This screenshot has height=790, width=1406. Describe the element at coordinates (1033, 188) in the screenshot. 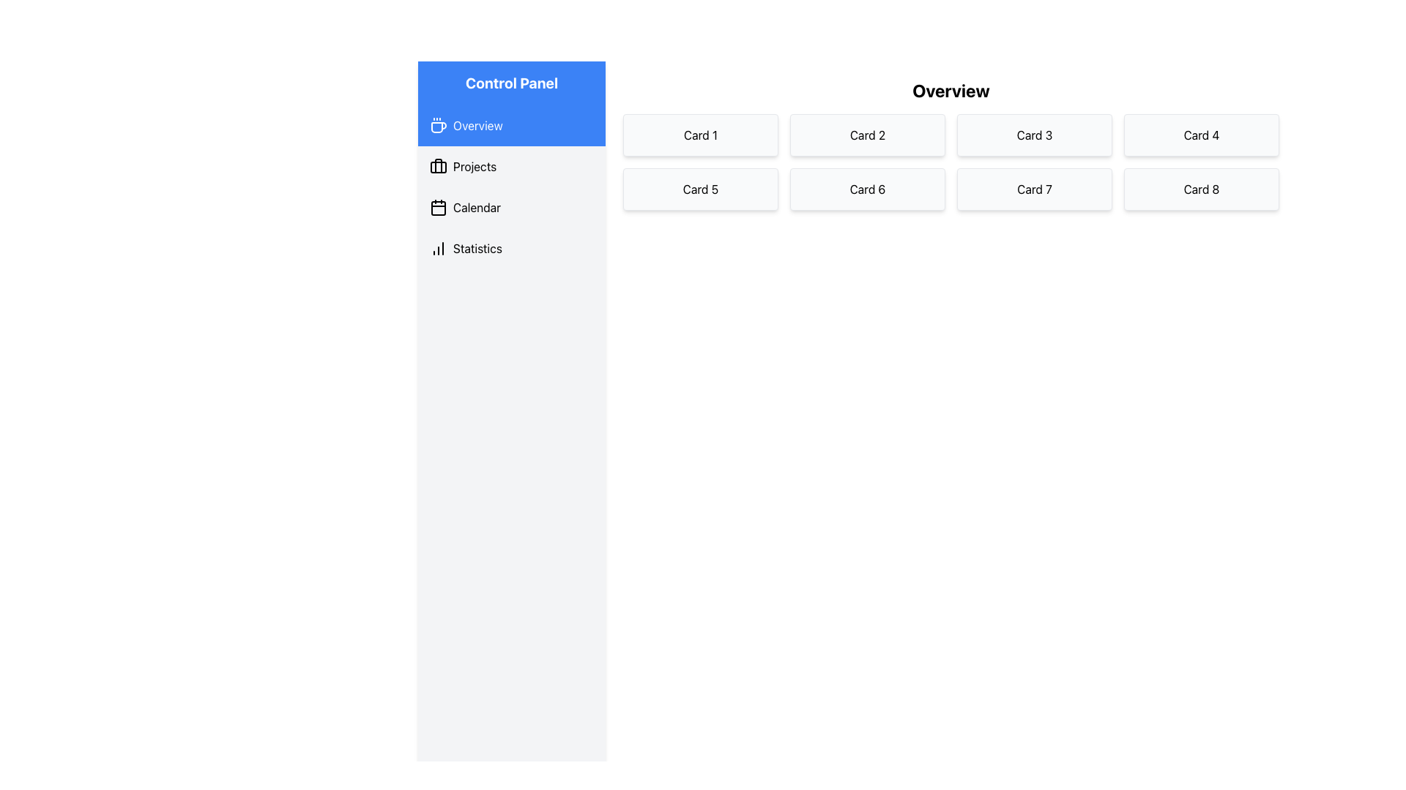

I see `the text label identifying the seventh card in the grid layout under the 'Overview' heading` at that location.